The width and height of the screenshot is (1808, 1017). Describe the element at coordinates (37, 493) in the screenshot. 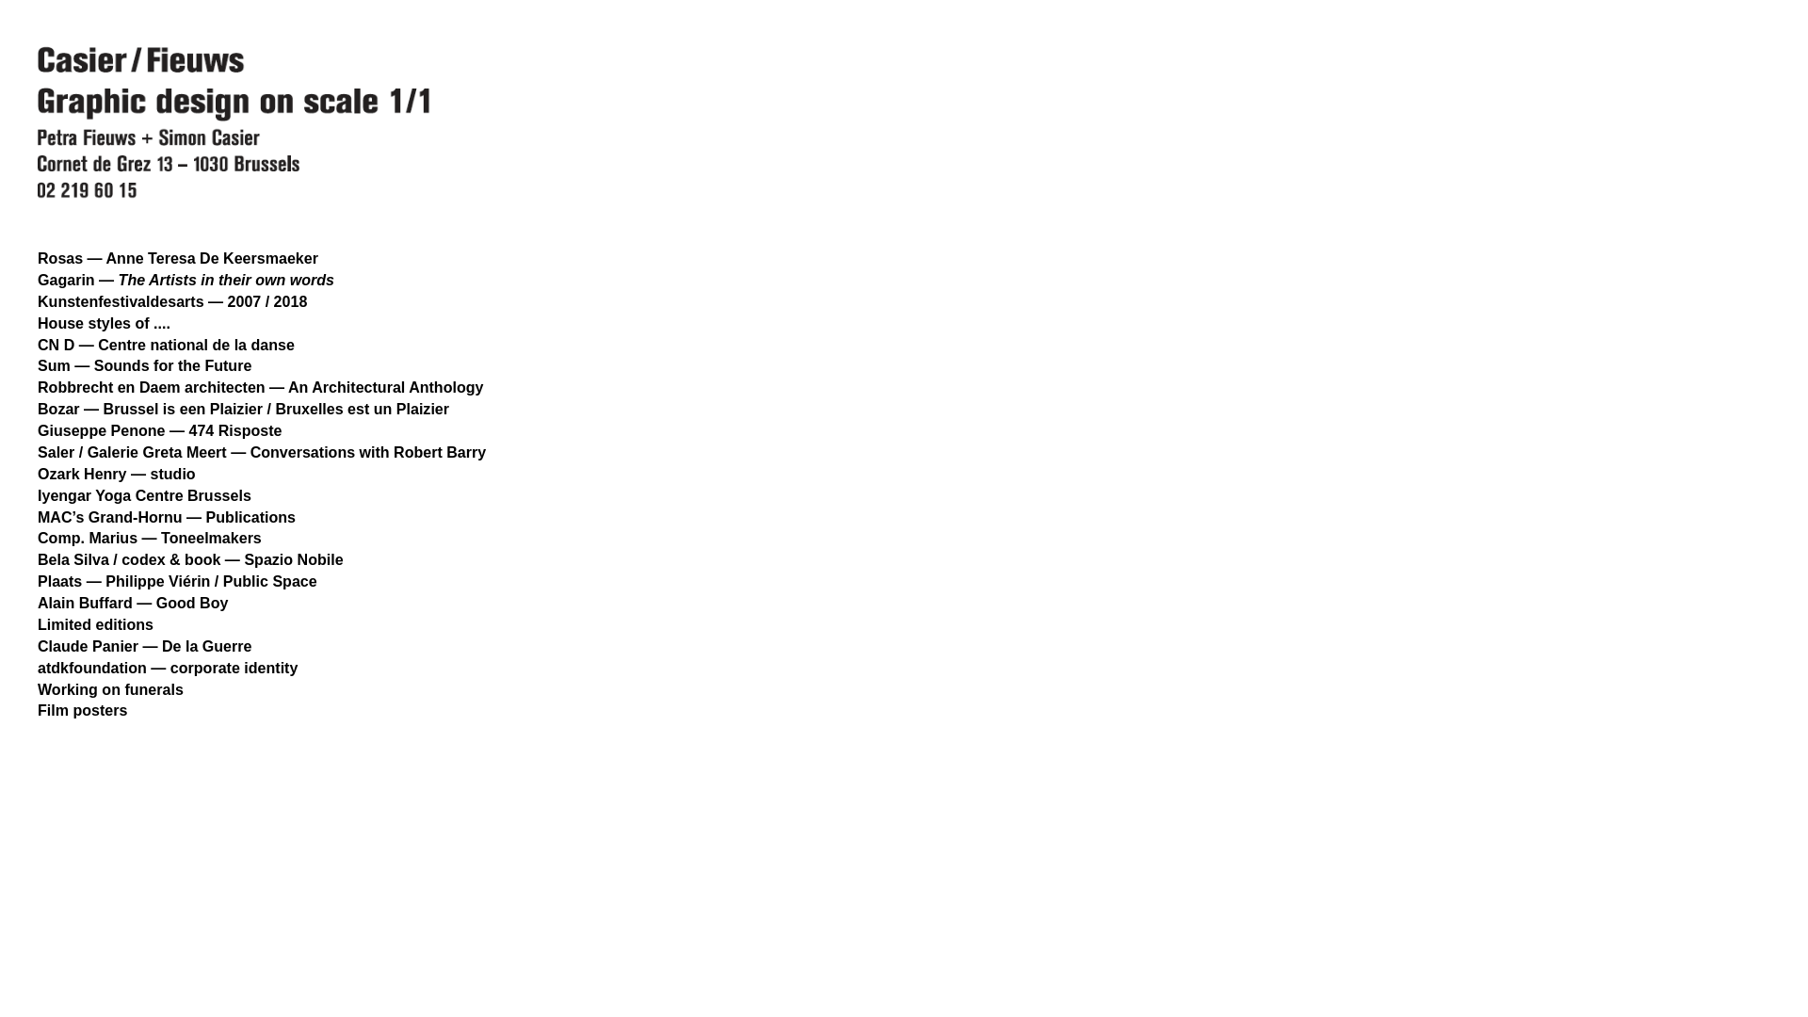

I see `'Iyengar Yoga Centre Brussels'` at that location.